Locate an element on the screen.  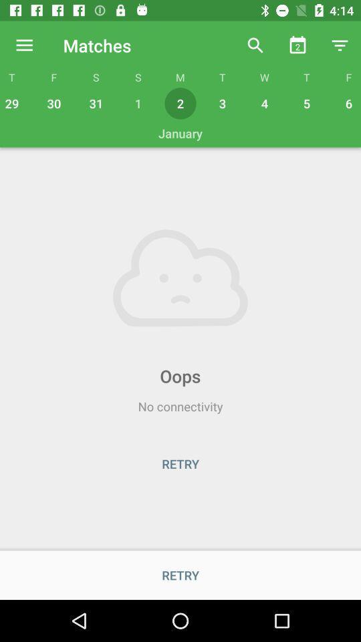
the 29 is located at coordinates (13, 102).